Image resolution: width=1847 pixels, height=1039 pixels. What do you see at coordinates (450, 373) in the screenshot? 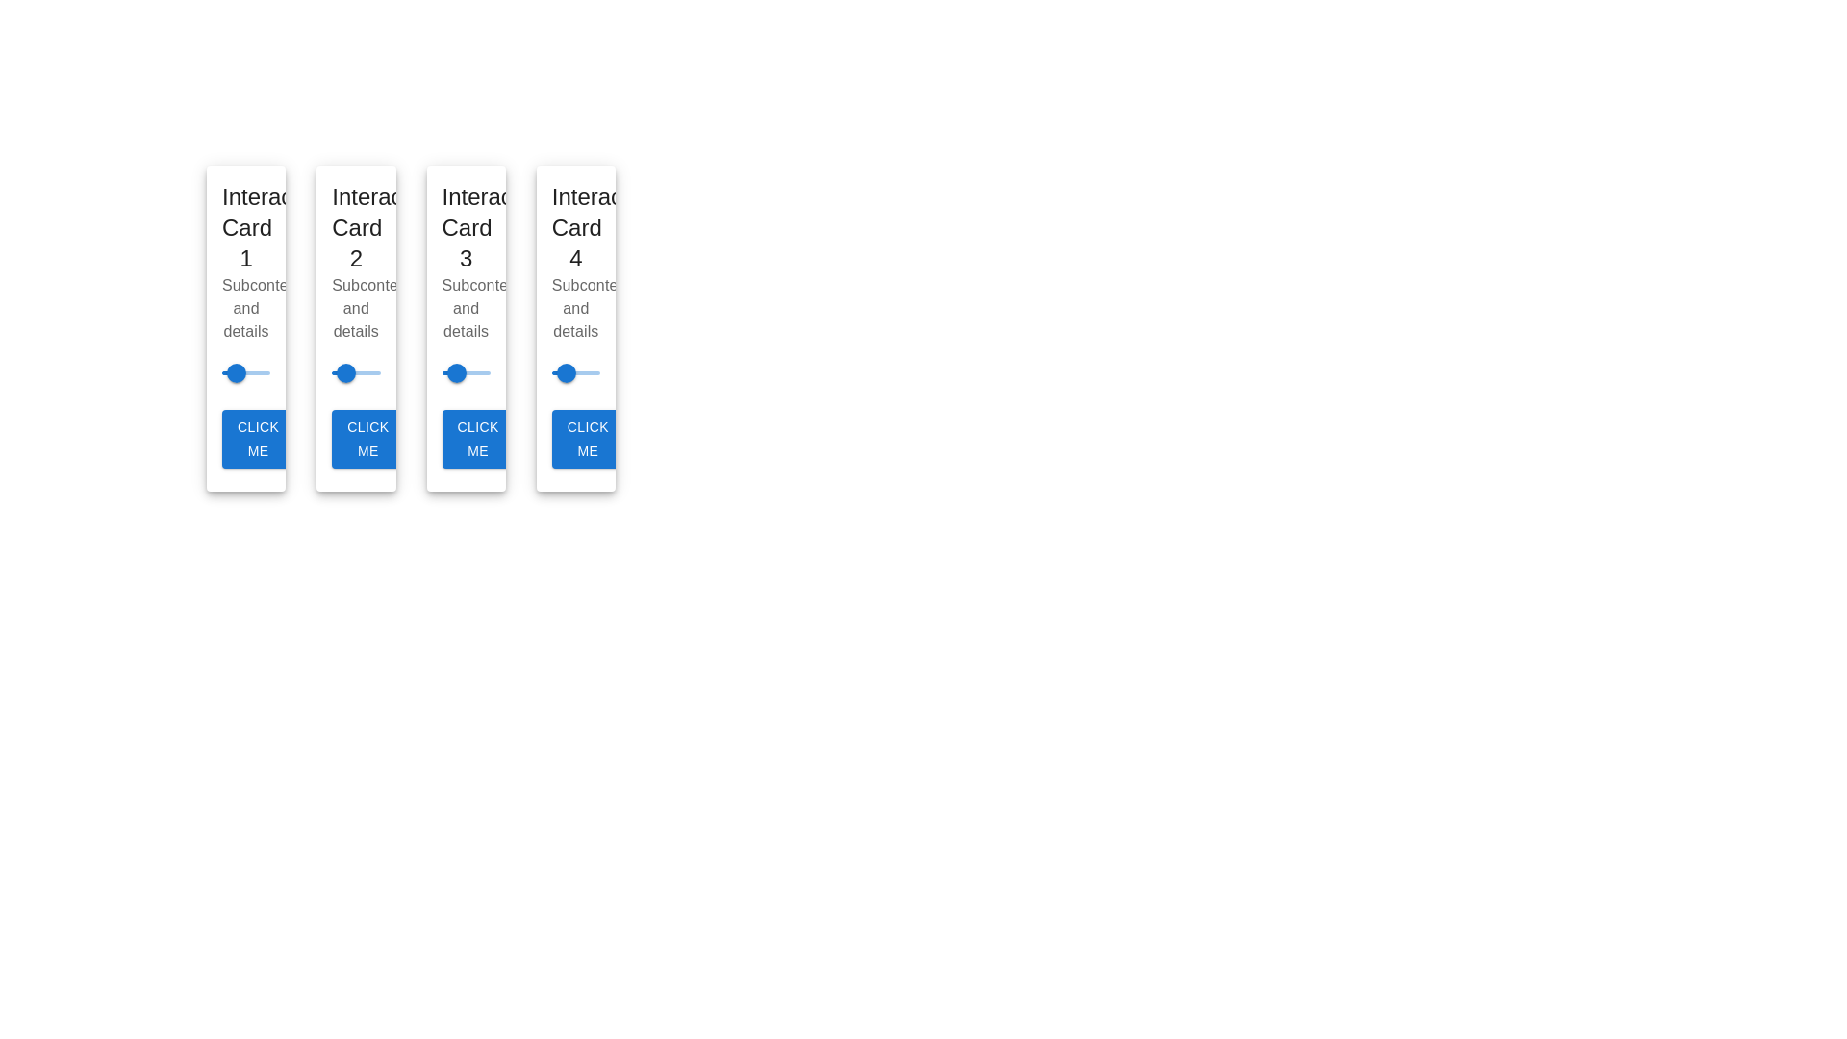
I see `the slider's value` at bounding box center [450, 373].